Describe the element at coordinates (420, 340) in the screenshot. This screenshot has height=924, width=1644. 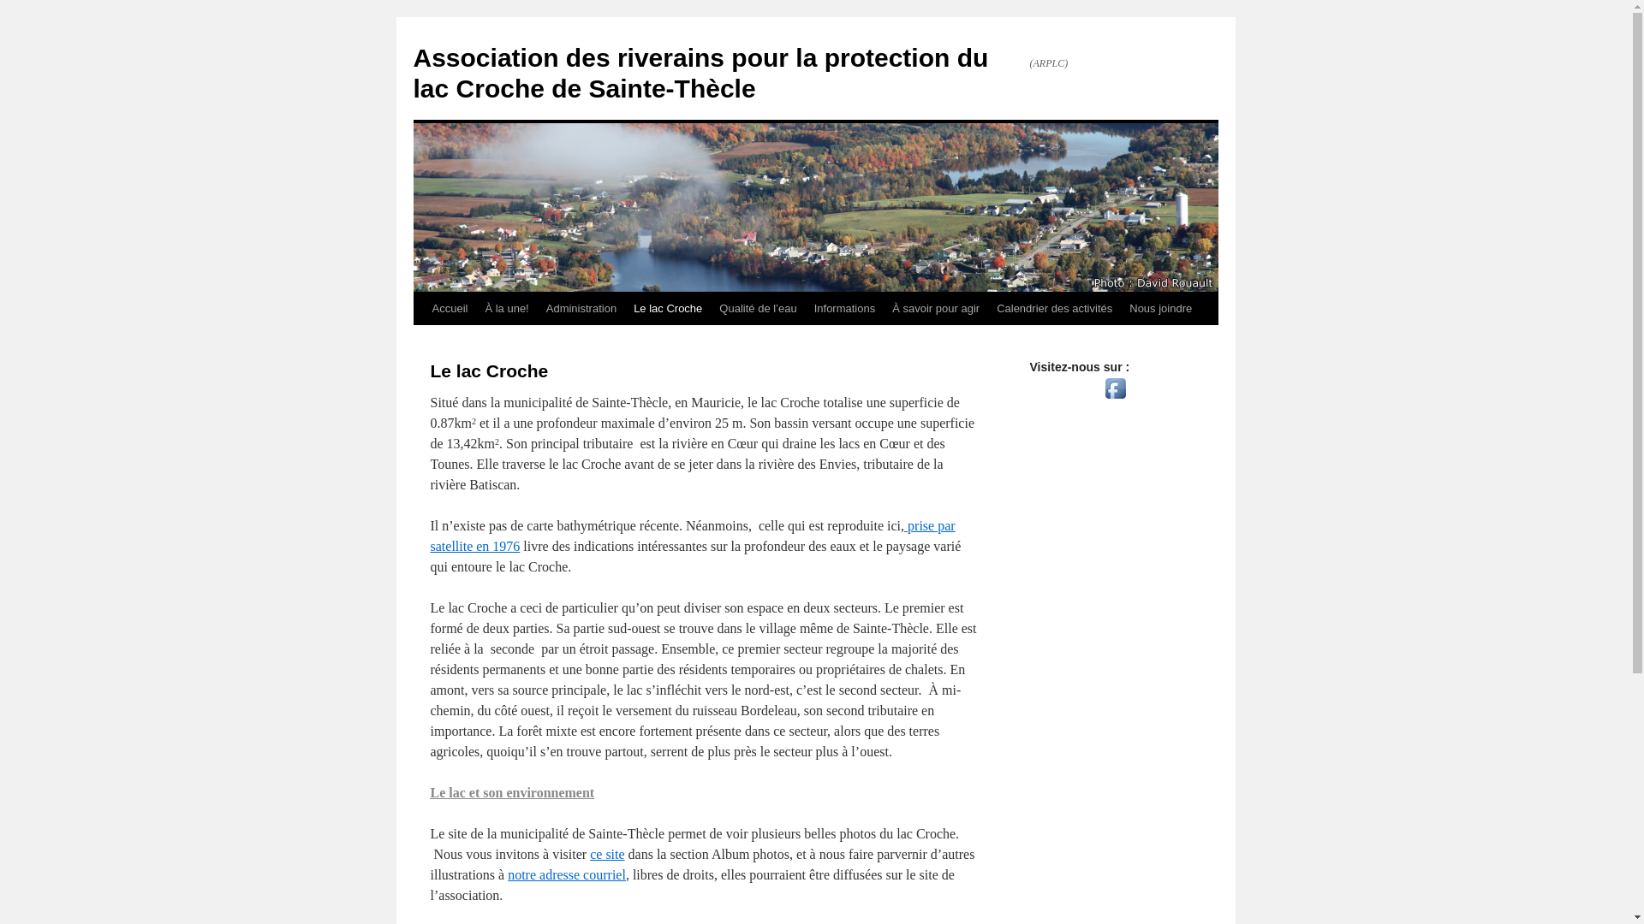
I see `'Aller au contenu'` at that location.